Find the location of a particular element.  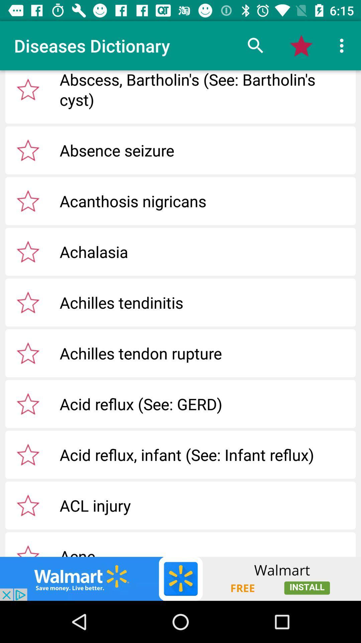

like is located at coordinates (28, 505).